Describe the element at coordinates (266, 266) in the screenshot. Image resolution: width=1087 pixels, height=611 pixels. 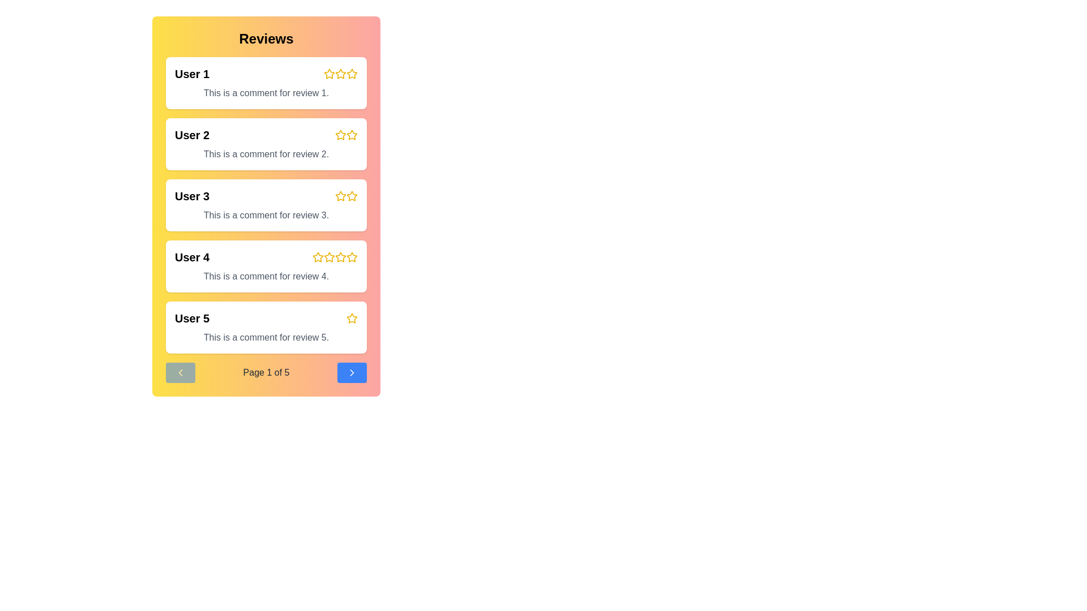
I see `the informational card representing a user review that displays the reviewer's name, comment, and a graphical rating with yellow stars, situated as the fourth card in a vertical list of review cards` at that location.